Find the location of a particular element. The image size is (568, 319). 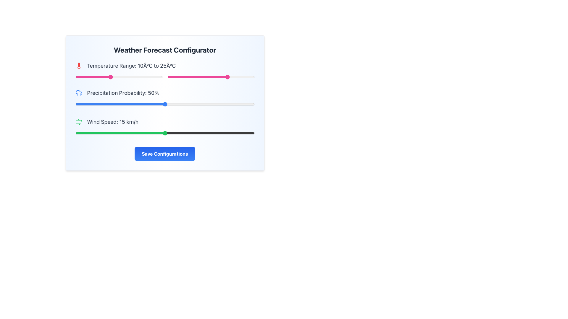

the temperature value is located at coordinates (246, 77).